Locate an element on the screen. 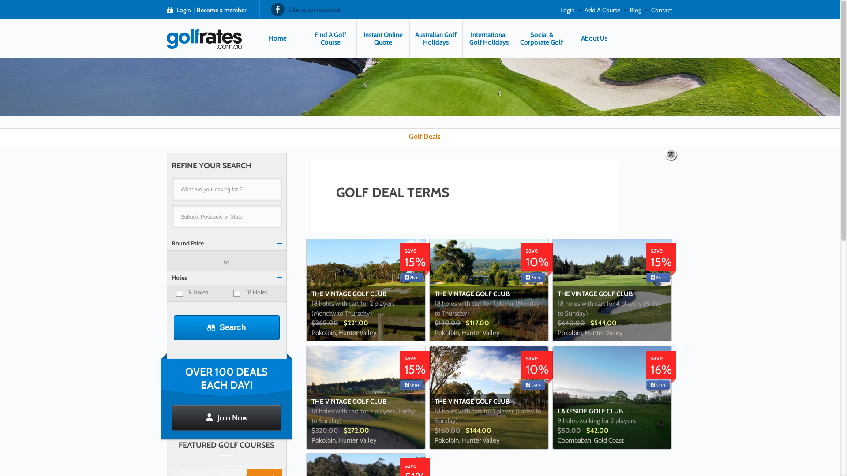  'About Us' is located at coordinates (594, 38).